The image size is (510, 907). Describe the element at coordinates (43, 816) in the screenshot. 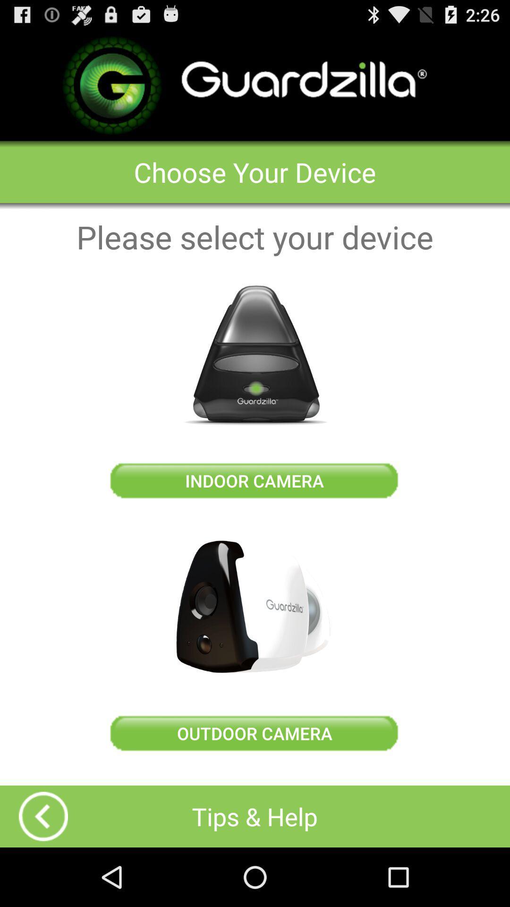

I see `show video` at that location.